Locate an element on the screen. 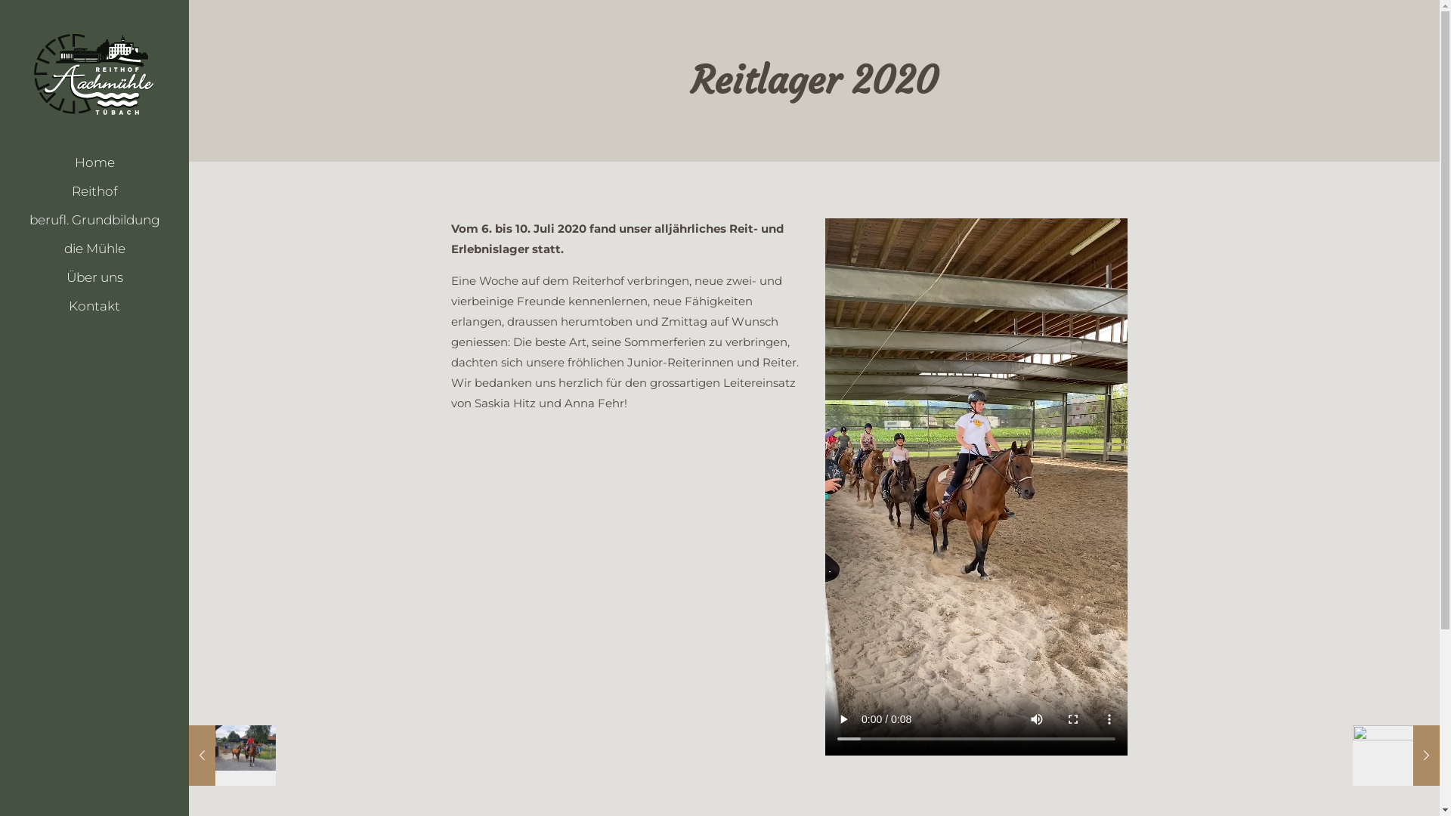  'berufl. Grundbildung' is located at coordinates (93, 219).